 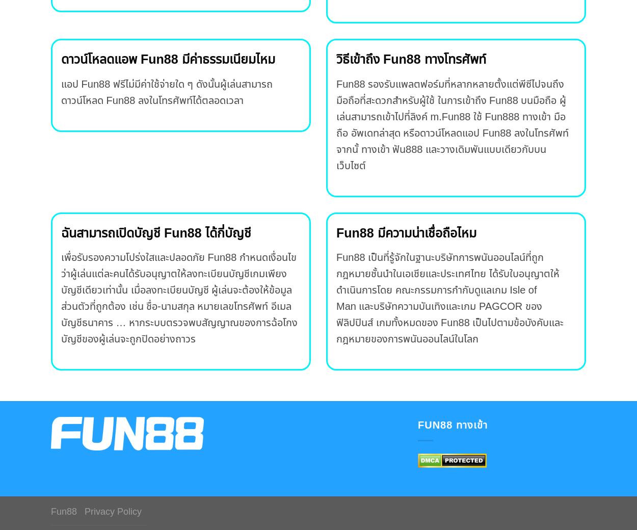 What do you see at coordinates (166, 92) in the screenshot?
I see `'แอป Fun88 ฟรีไม่มีค่าใช้จ่ายใด ๆ ดังนั้นผู้เล่นสามารถดาวน์โหลด Fun88 ลงในโทรศัพท์ได้ตลอดเวลา'` at bounding box center [166, 92].